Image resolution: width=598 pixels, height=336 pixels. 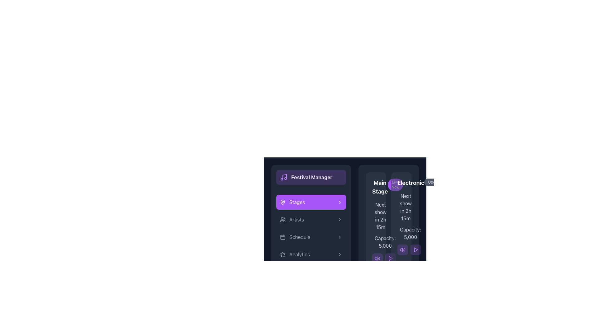 I want to click on the main body of the purple map pin icon located in the navigation panel for the Electronic Stage section, positioned below the Main Stage information heading, so click(x=282, y=202).